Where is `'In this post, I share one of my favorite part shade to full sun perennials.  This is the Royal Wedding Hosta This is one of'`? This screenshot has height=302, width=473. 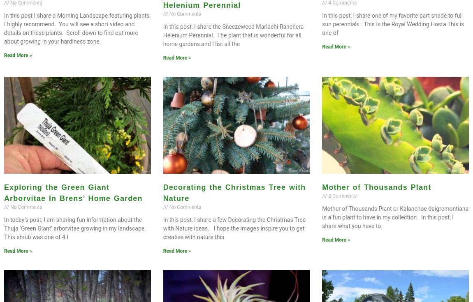 'In this post, I share one of my favorite part shade to full sun perennials.  This is the Royal Wedding Hosta This is one of' is located at coordinates (393, 24).